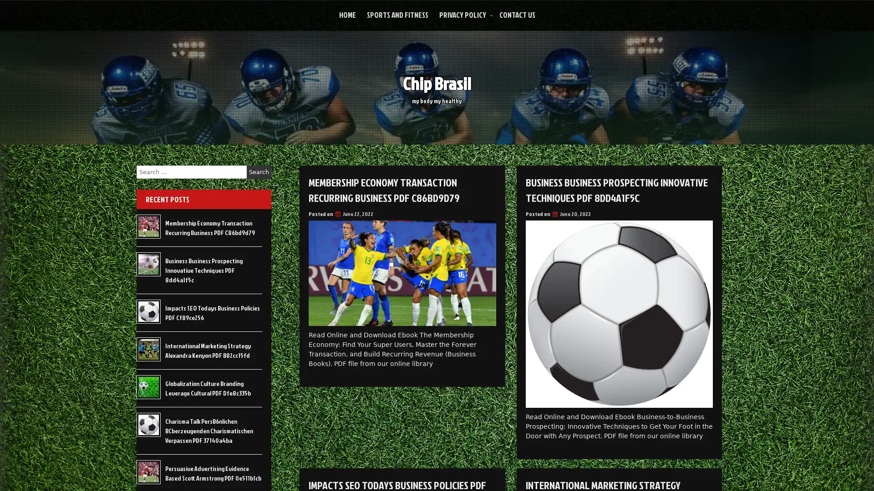 This screenshot has width=874, height=491. I want to click on Search, so click(259, 172).